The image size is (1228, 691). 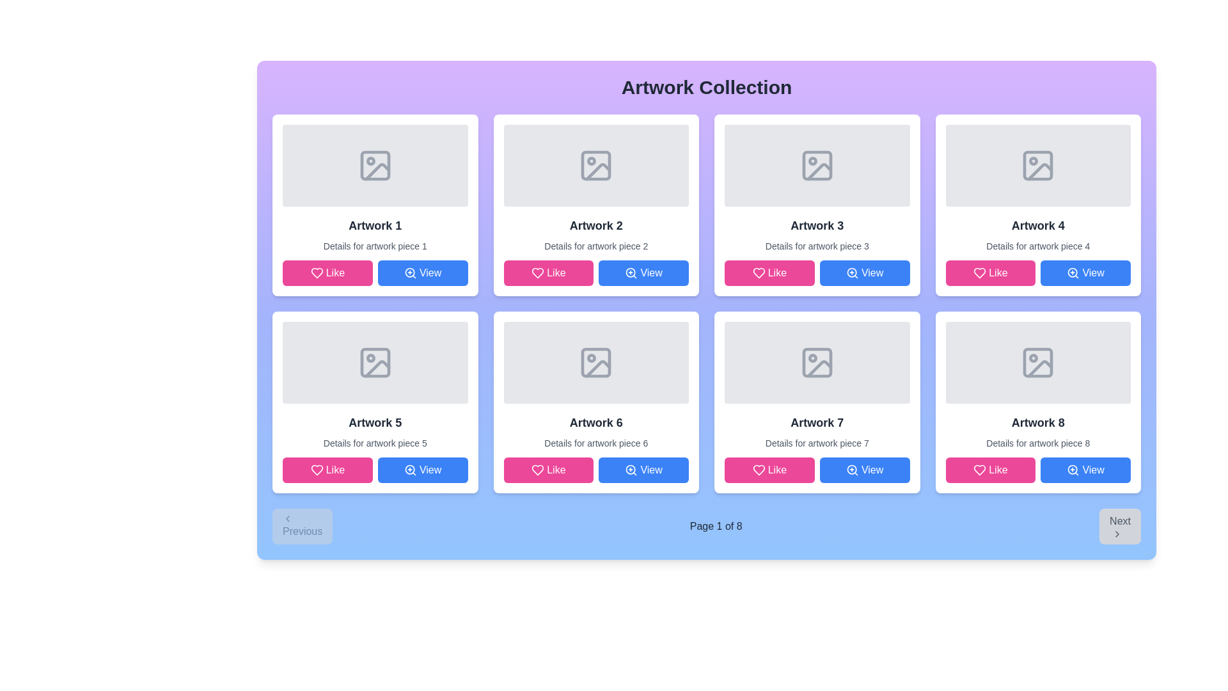 I want to click on the heart-shaped icon styled with pink color, which is centered in the 'Like' button beneath the 'Artwork 2' entry, so click(x=538, y=273).